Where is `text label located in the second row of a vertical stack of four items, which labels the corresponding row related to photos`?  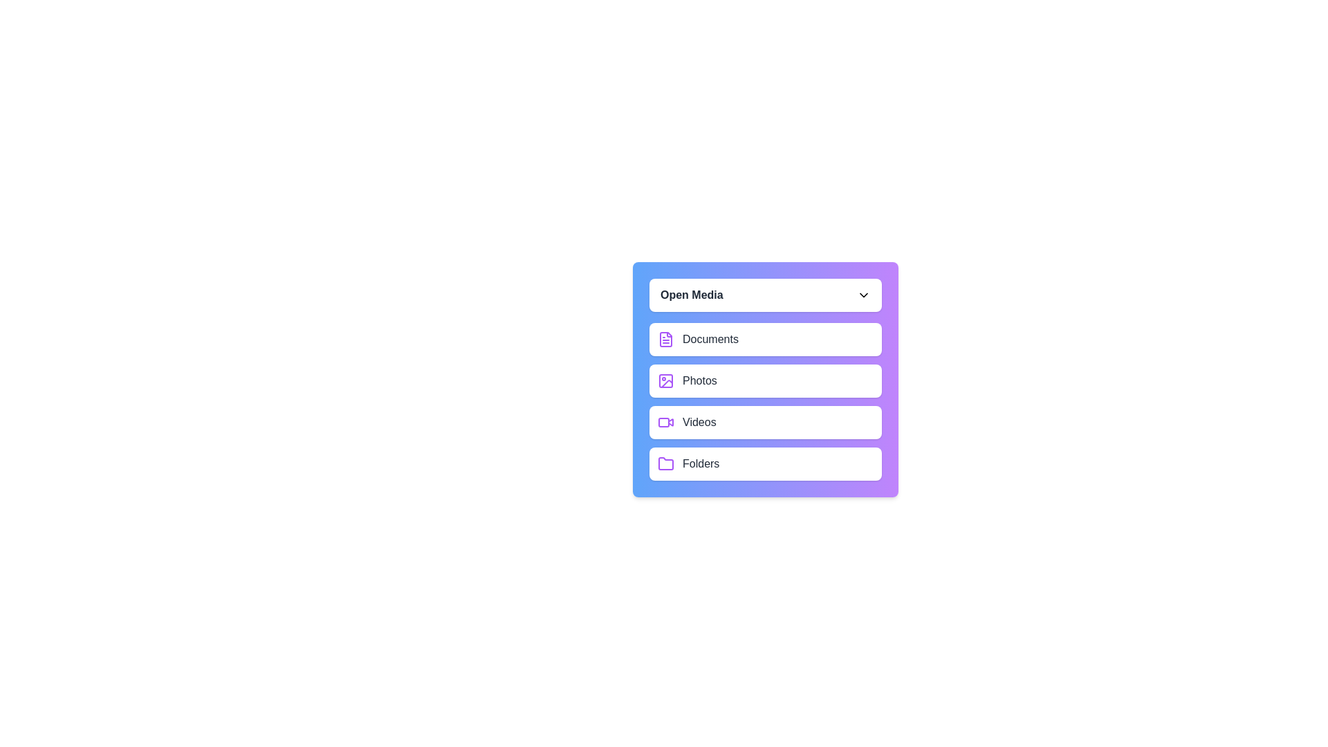 text label located in the second row of a vertical stack of four items, which labels the corresponding row related to photos is located at coordinates (699, 381).